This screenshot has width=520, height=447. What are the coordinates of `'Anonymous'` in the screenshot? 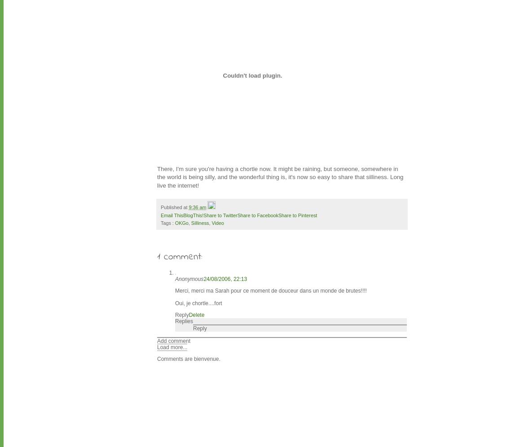 It's located at (175, 279).